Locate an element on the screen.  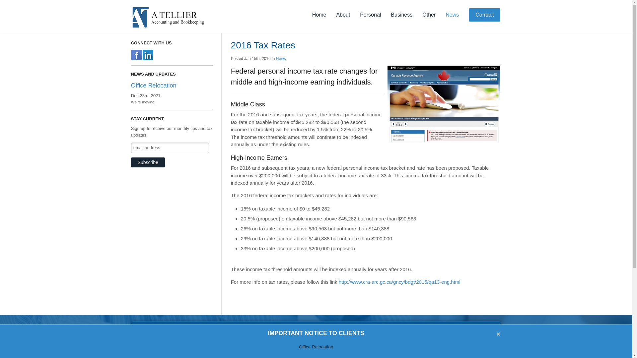
'News' is located at coordinates (446, 15).